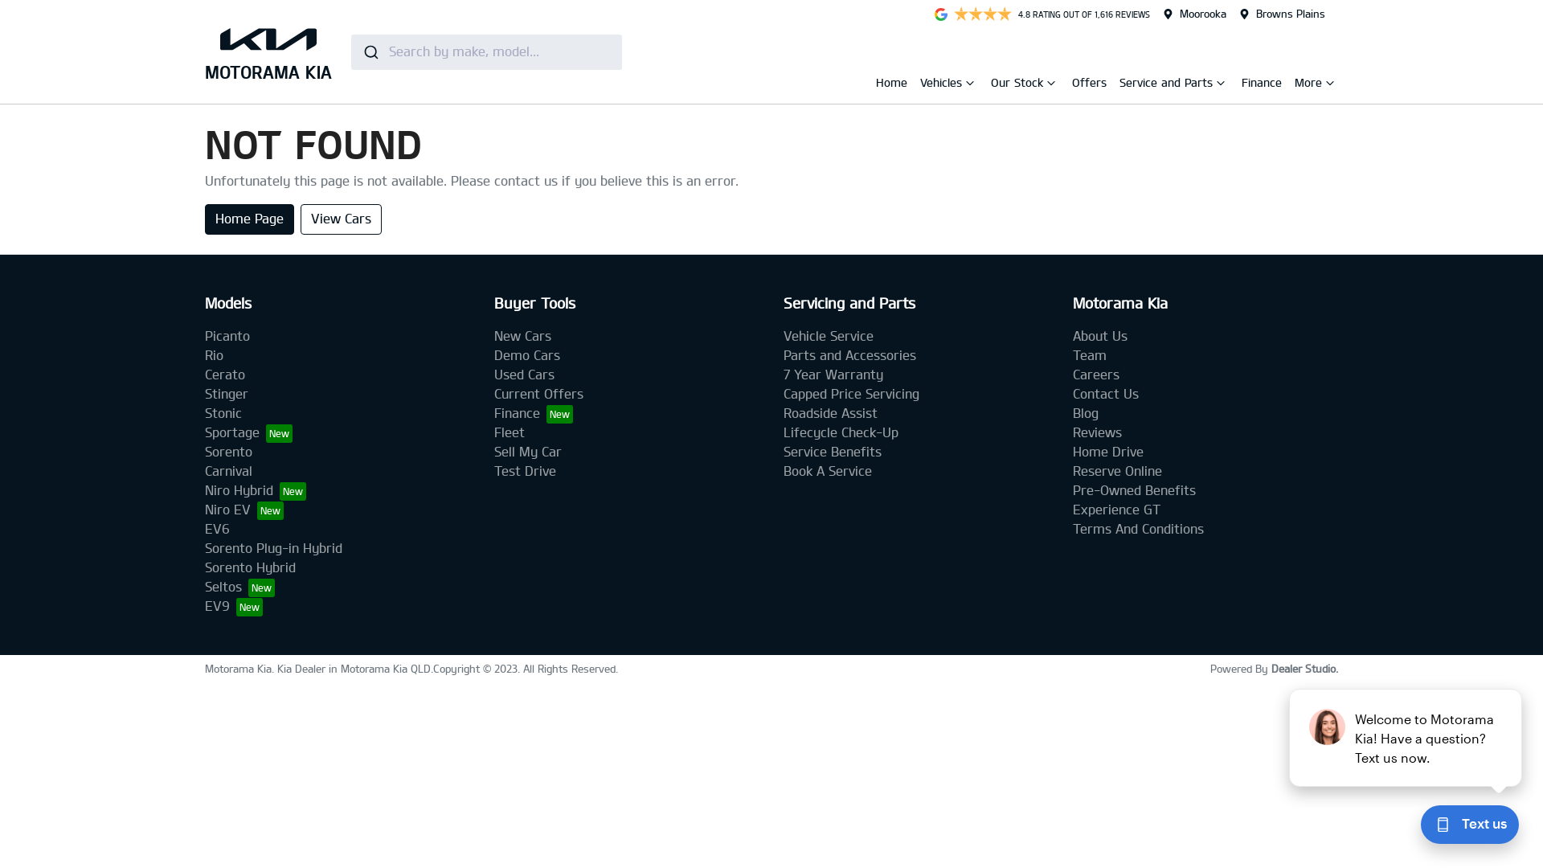 This screenshot has height=868, width=1543. I want to click on 'Blog', so click(1085, 412).